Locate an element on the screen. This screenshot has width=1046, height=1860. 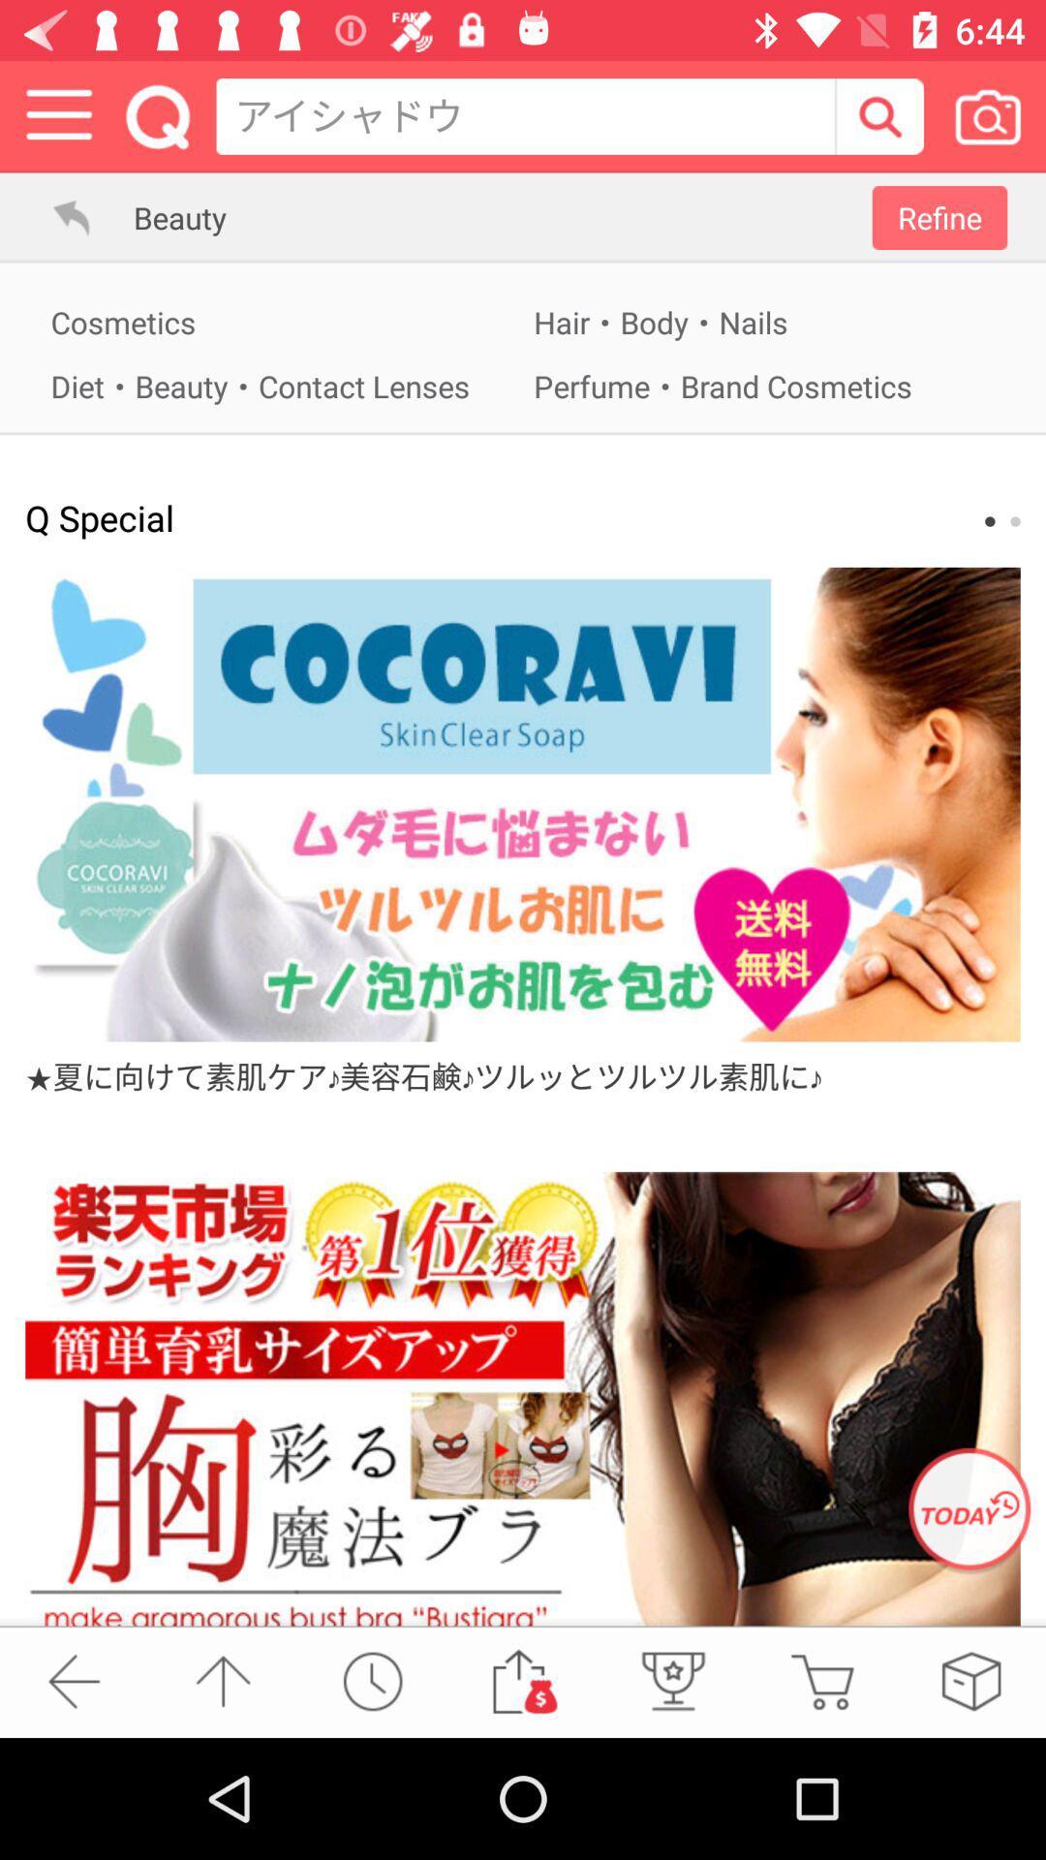
open advertisement is located at coordinates (969, 1510).